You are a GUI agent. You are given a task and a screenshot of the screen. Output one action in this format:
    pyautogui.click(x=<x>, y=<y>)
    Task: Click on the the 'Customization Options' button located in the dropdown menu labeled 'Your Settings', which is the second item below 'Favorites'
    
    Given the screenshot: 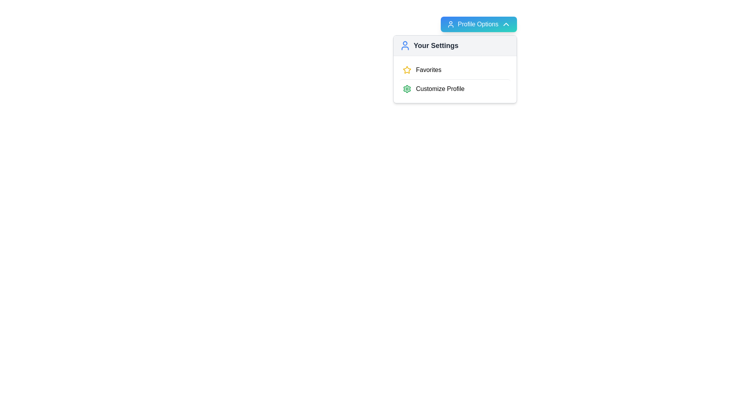 What is the action you would take?
    pyautogui.click(x=455, y=88)
    